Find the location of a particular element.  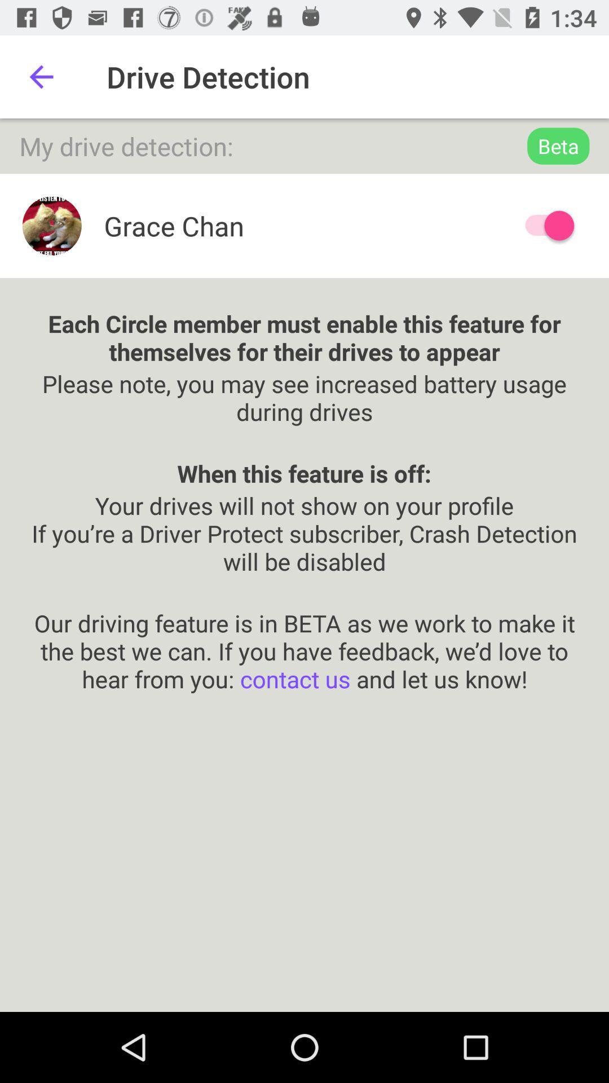

the item above the my drive detection: item is located at coordinates (41, 76).